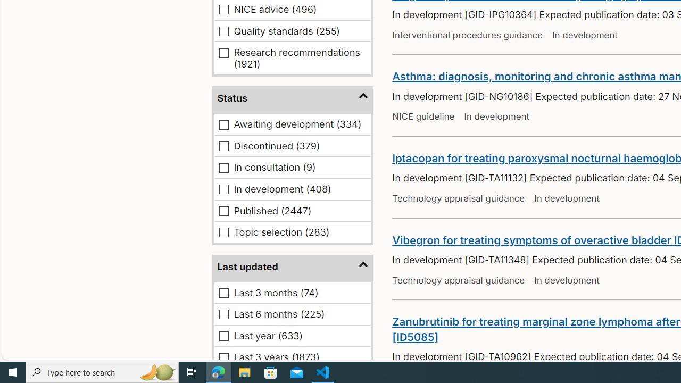 This screenshot has width=681, height=383. I want to click on 'Discontinued (379)', so click(223, 146).